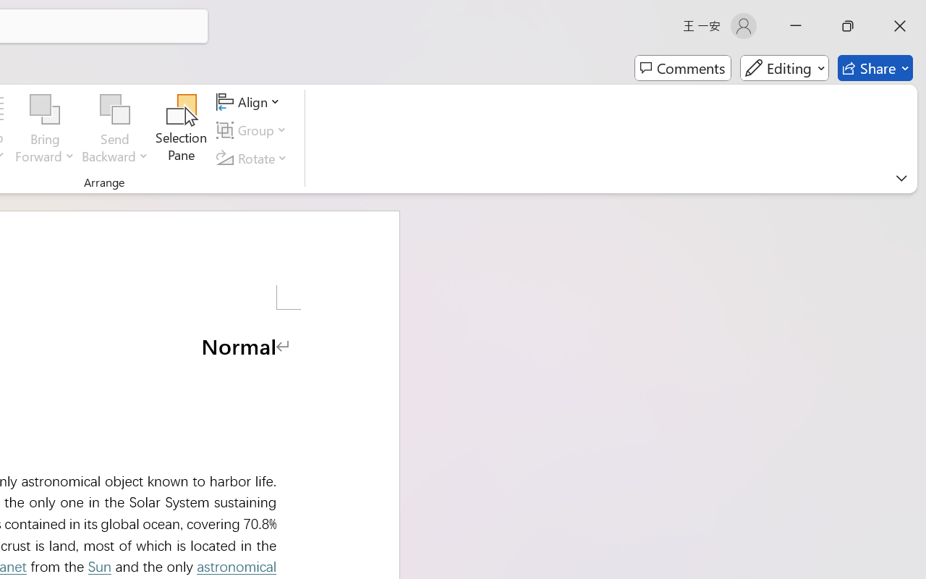 The image size is (926, 579). Describe the element at coordinates (98, 566) in the screenshot. I see `'Sun'` at that location.